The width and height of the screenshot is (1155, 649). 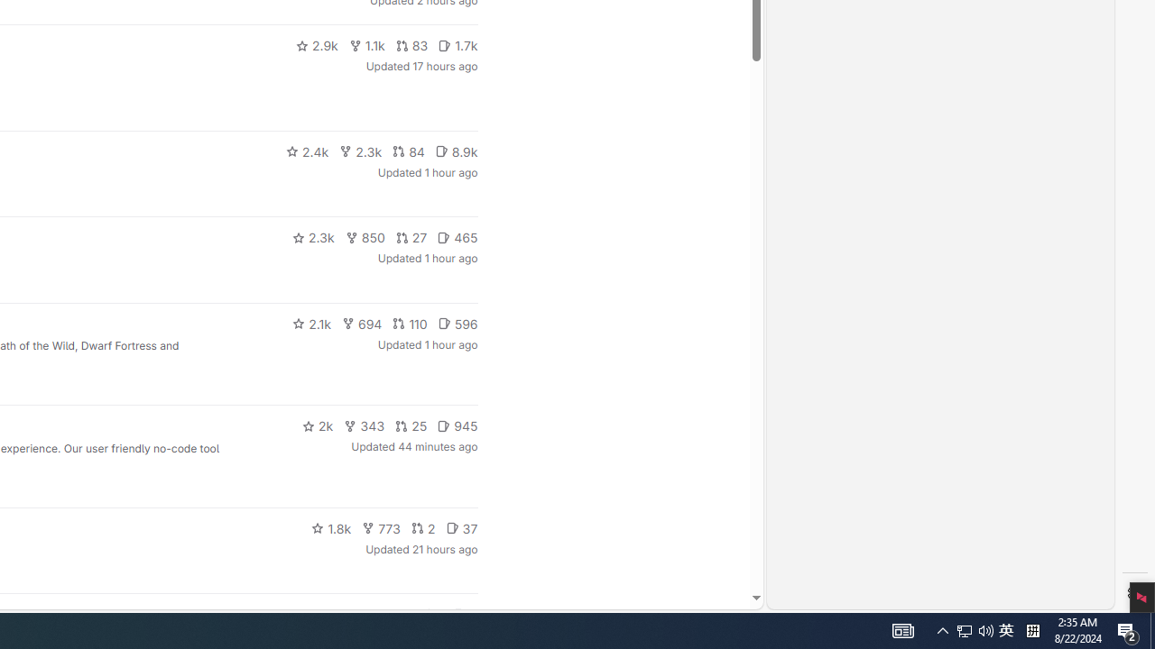 What do you see at coordinates (307, 151) in the screenshot?
I see `'2.4k'` at bounding box center [307, 151].